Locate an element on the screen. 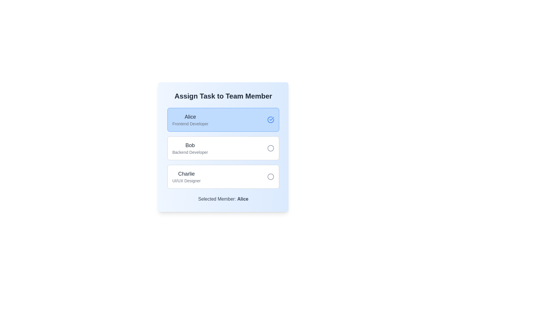 This screenshot has width=559, height=314. the radio button is located at coordinates (223, 176).